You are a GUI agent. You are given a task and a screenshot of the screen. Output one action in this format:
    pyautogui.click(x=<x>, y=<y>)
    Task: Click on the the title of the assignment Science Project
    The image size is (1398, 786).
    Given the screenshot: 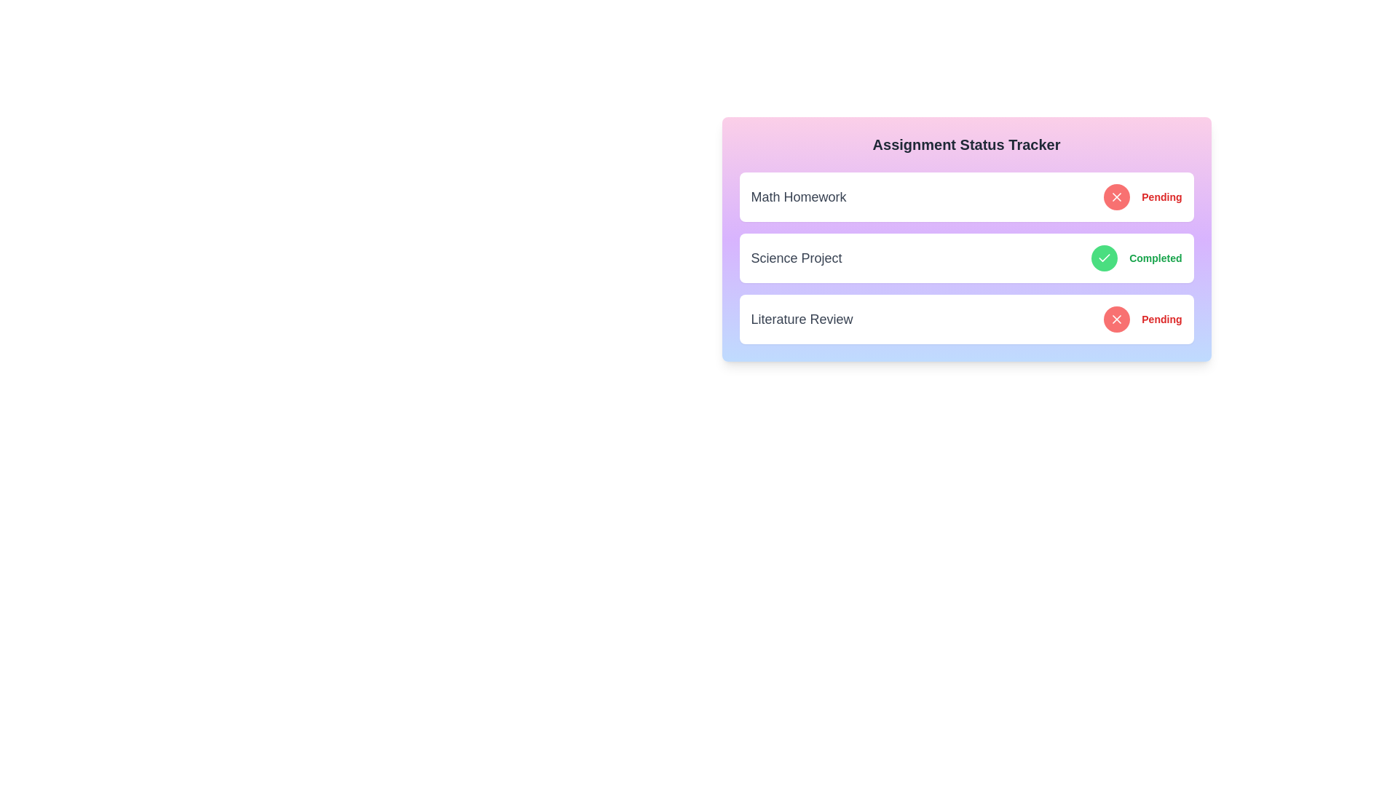 What is the action you would take?
    pyautogui.click(x=796, y=257)
    